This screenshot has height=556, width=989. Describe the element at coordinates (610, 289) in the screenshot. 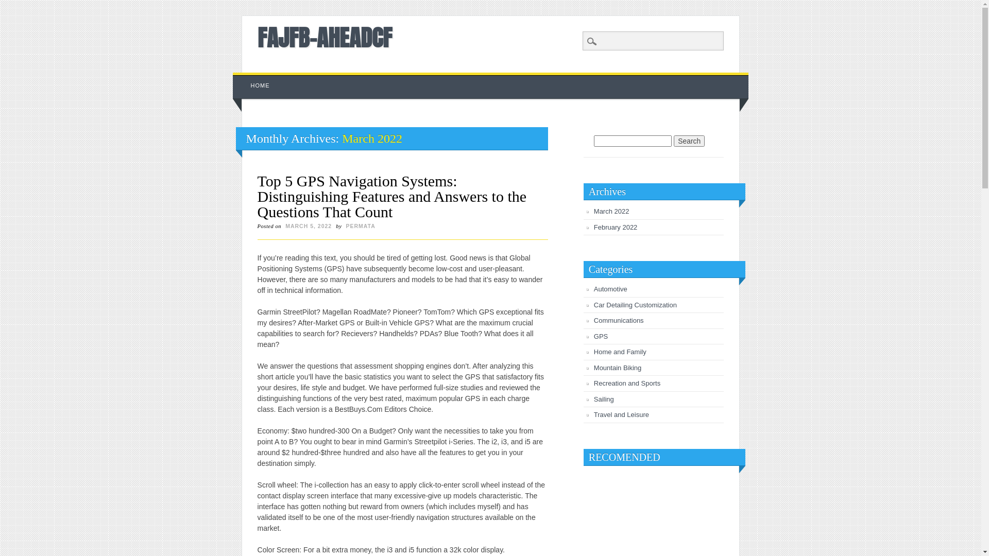

I see `'Automotive'` at that location.